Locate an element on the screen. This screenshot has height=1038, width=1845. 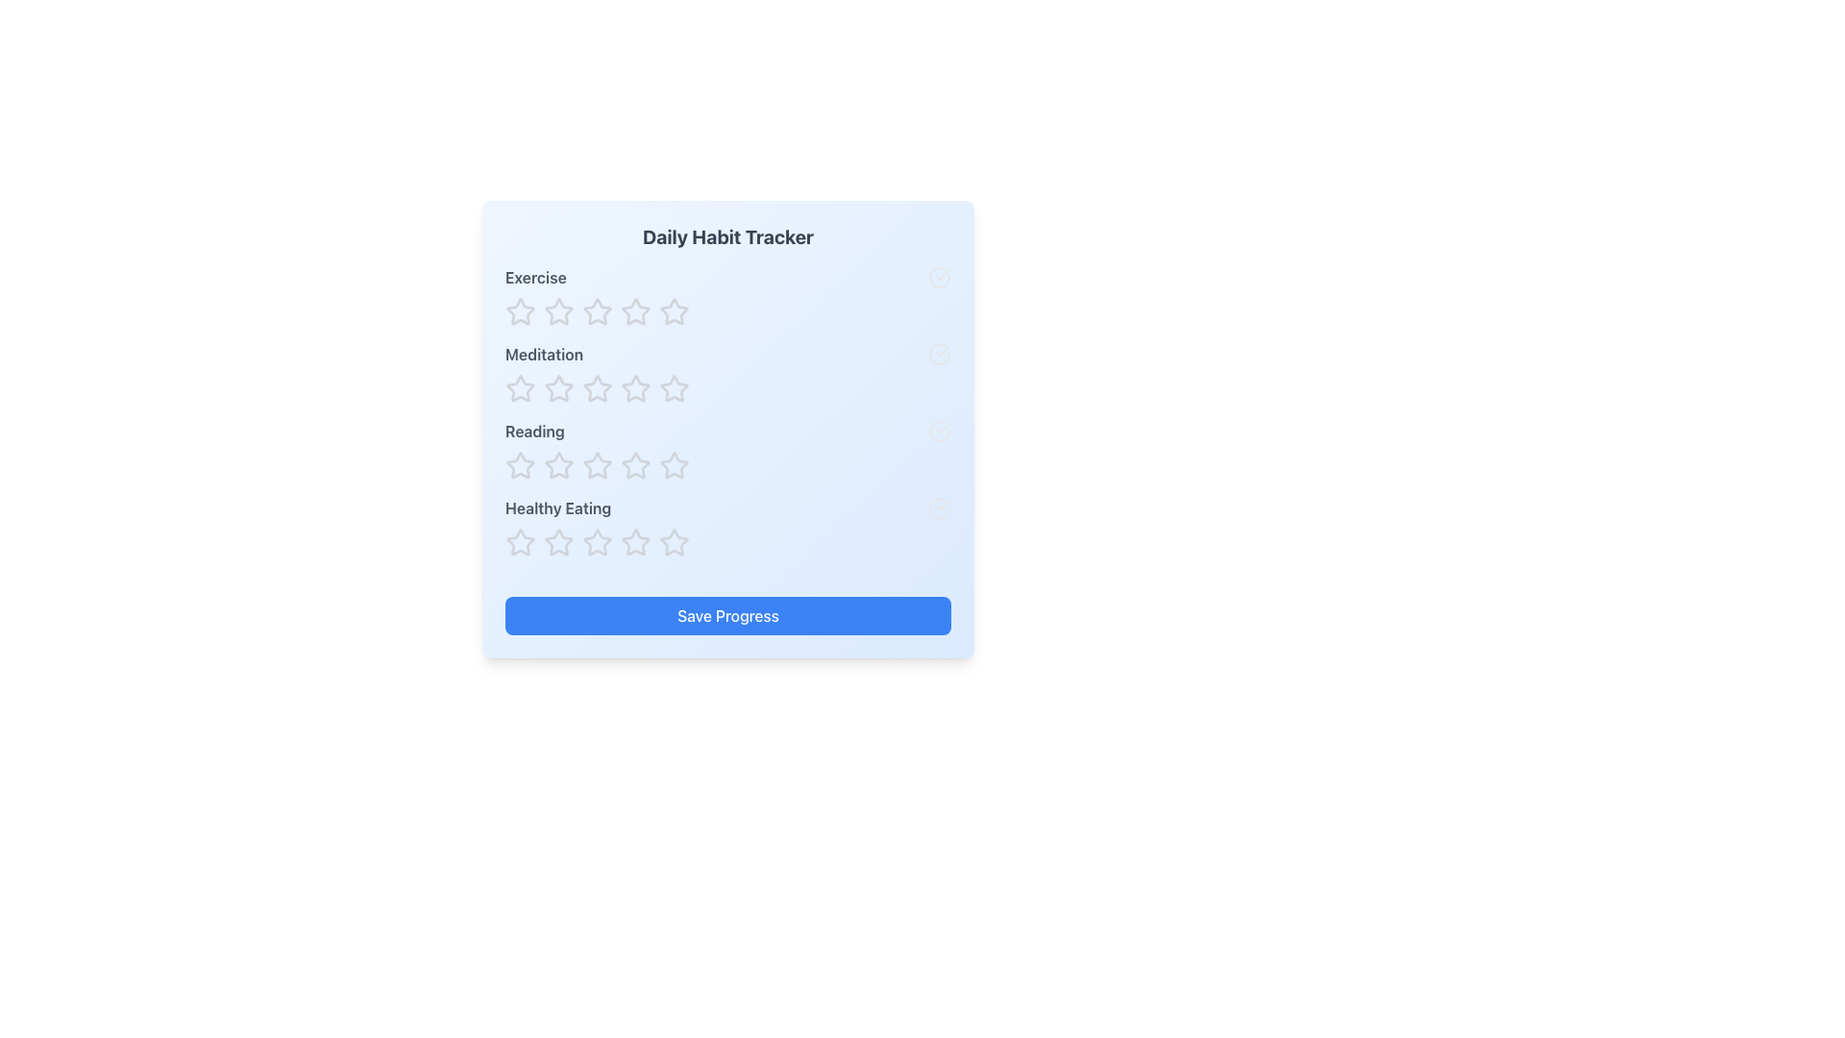
the third rating star icon in the 'Daily Habit Tracker' interface is located at coordinates (521, 465).